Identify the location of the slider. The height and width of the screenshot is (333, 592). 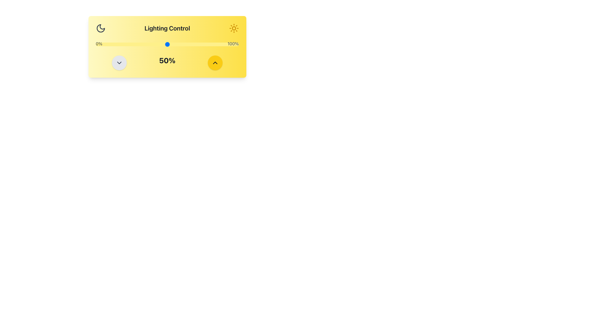
(216, 44).